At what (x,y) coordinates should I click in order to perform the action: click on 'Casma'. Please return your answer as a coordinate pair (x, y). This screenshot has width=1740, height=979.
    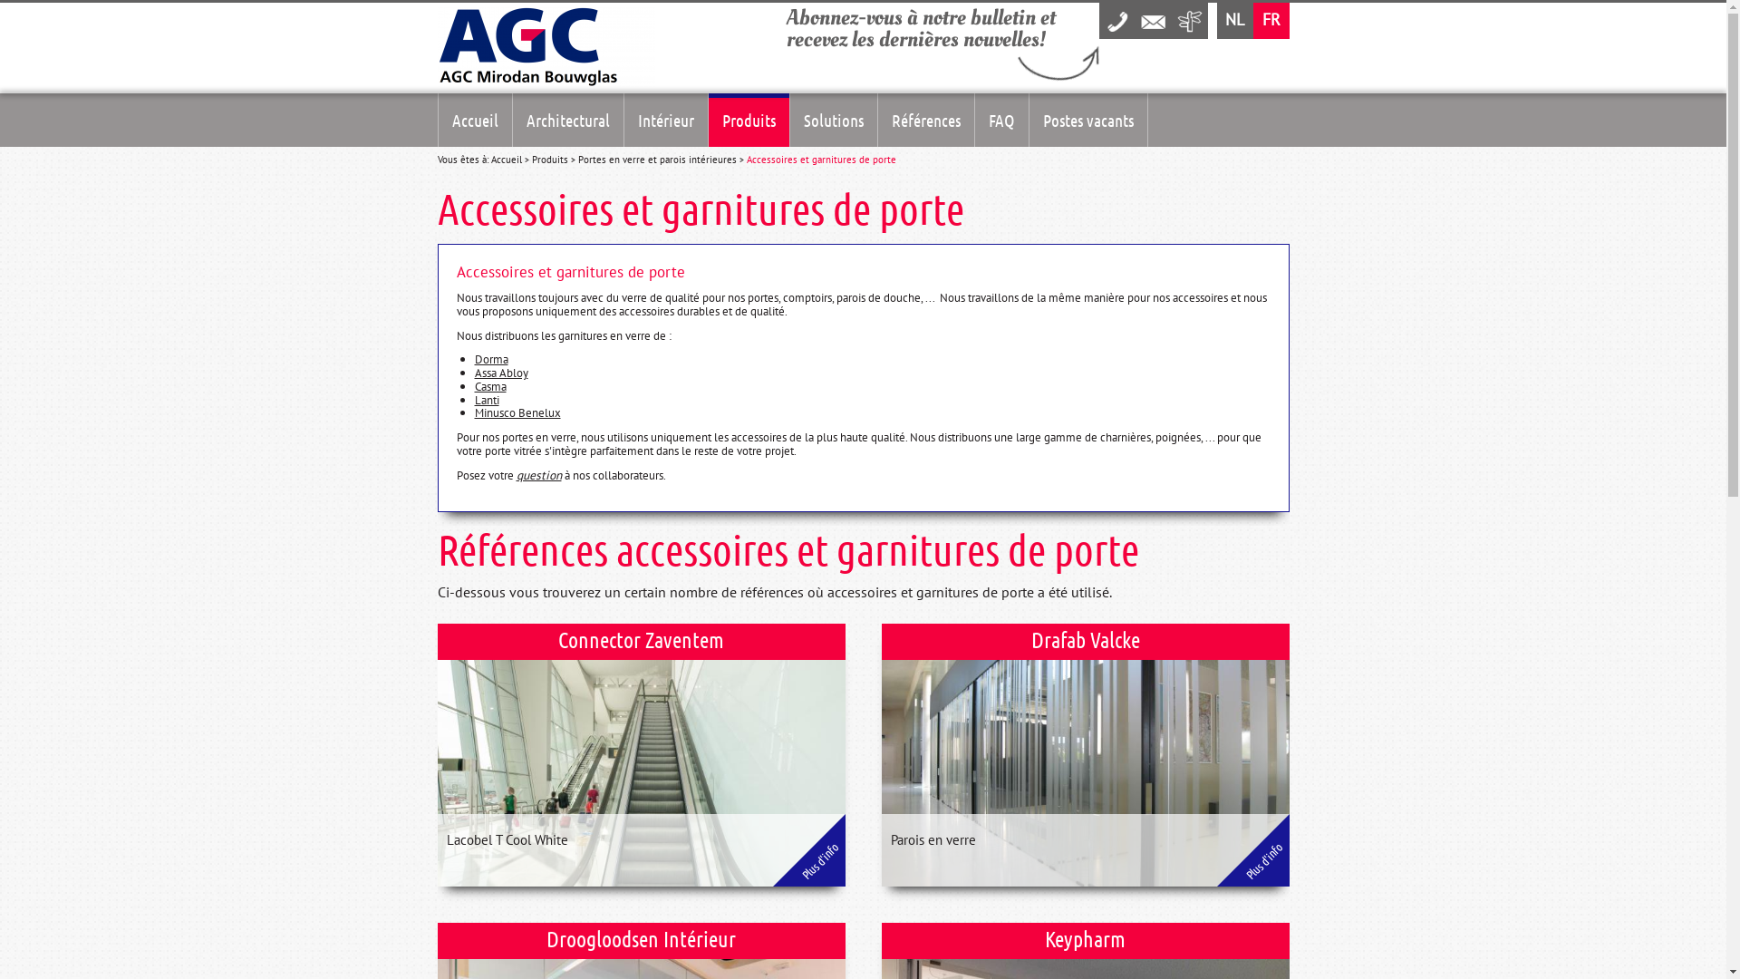
    Looking at the image, I should click on (474, 384).